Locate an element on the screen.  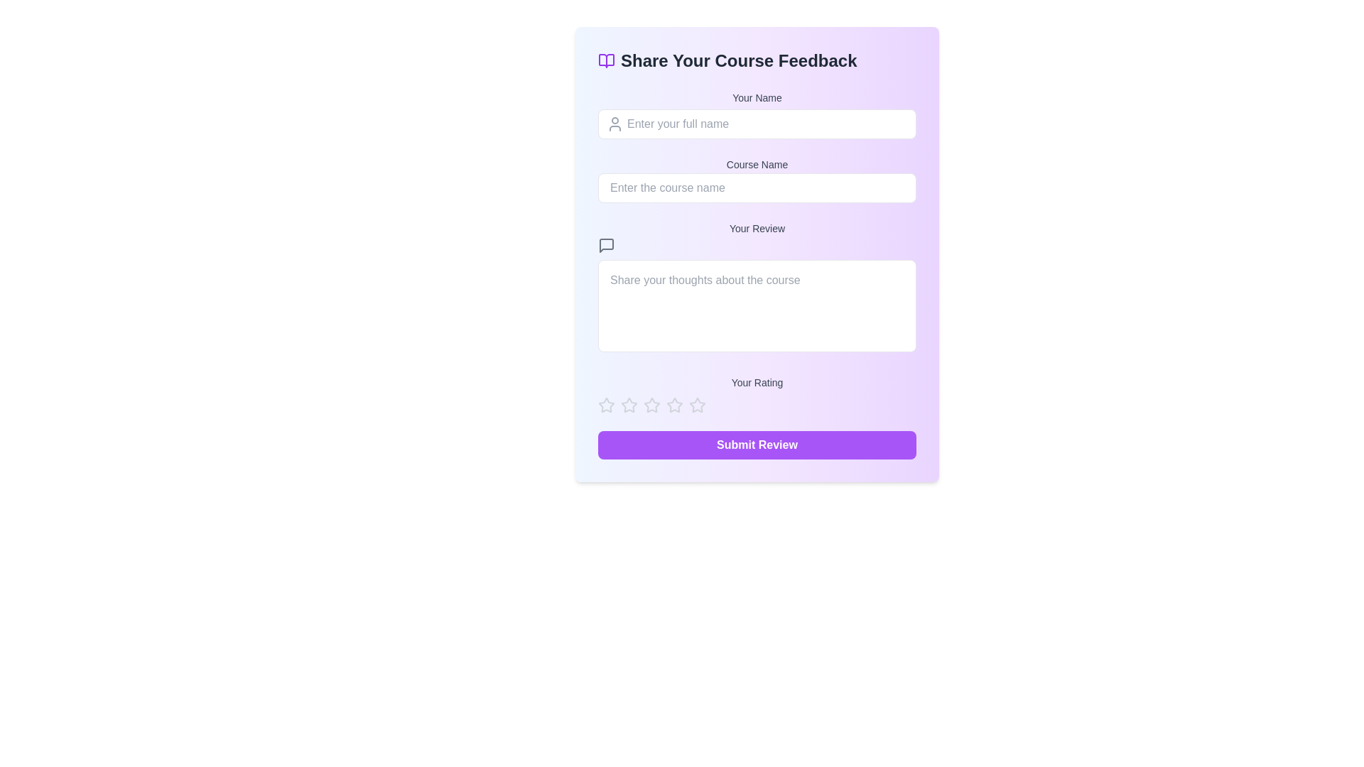
the icon representing the 'Your Review' section, which is positioned to the left of the text area field and above the input region for user feedback is located at coordinates (607, 245).